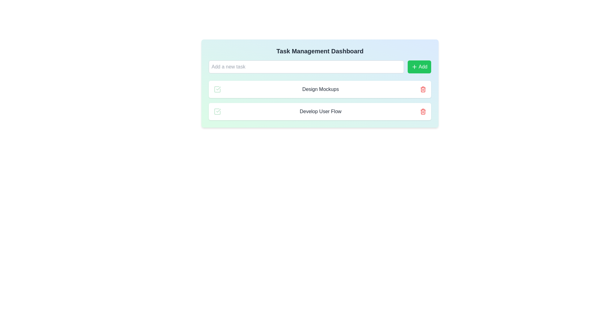  What do you see at coordinates (419, 67) in the screenshot?
I see `the confirmation button` at bounding box center [419, 67].